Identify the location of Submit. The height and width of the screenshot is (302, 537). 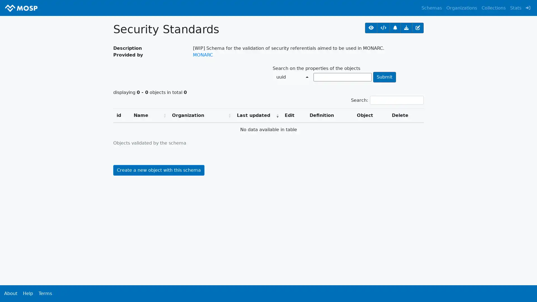
(384, 77).